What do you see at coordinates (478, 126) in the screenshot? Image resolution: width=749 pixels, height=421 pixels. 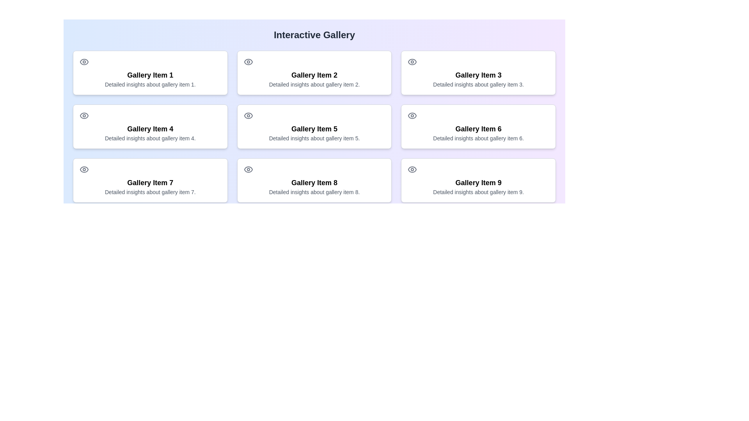 I see `the gallery item card representing 'Gallery Item 6', which is the sixth card in a grid layout, located in the middle row and last column` at bounding box center [478, 126].